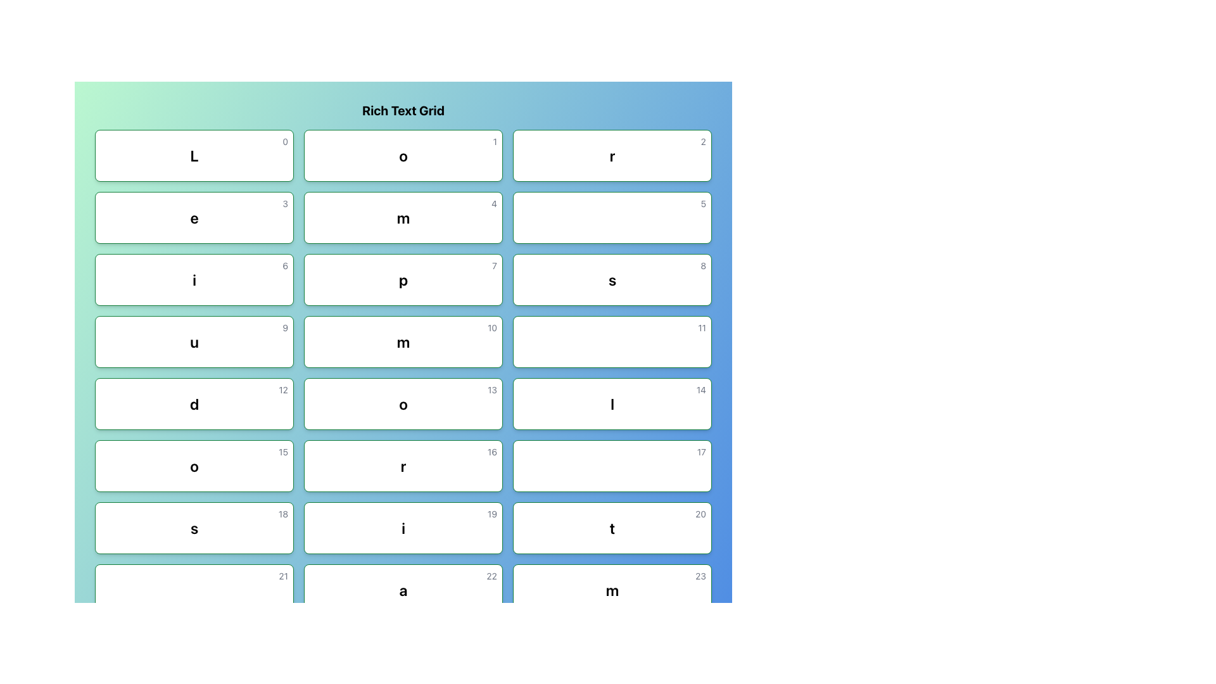 The width and height of the screenshot is (1216, 684). Describe the element at coordinates (194, 342) in the screenshot. I see `the text label displaying the character 'u' in bold and enlarged font, located in the top-left of a card with a green outline` at that location.